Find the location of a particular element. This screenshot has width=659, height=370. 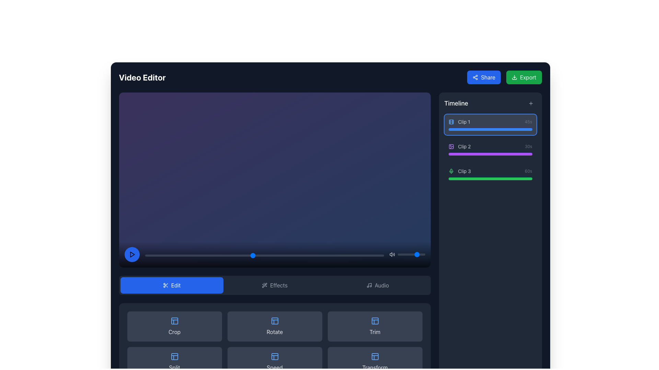

the slider value is located at coordinates (401, 254).